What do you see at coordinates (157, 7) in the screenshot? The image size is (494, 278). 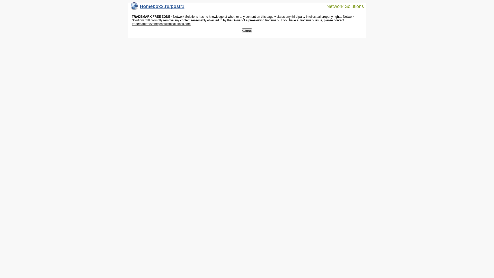 I see `'Homeboxx.ru/post/1'` at bounding box center [157, 7].